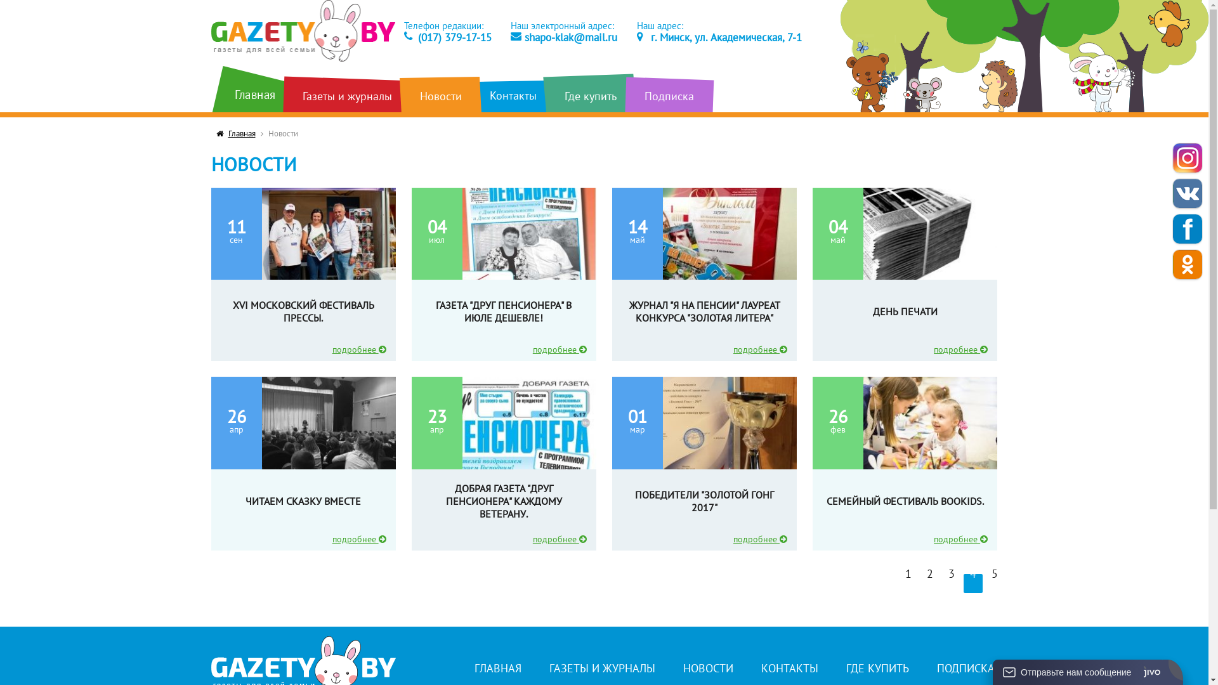 The width and height of the screenshot is (1218, 685). I want to click on '1', so click(898, 584).